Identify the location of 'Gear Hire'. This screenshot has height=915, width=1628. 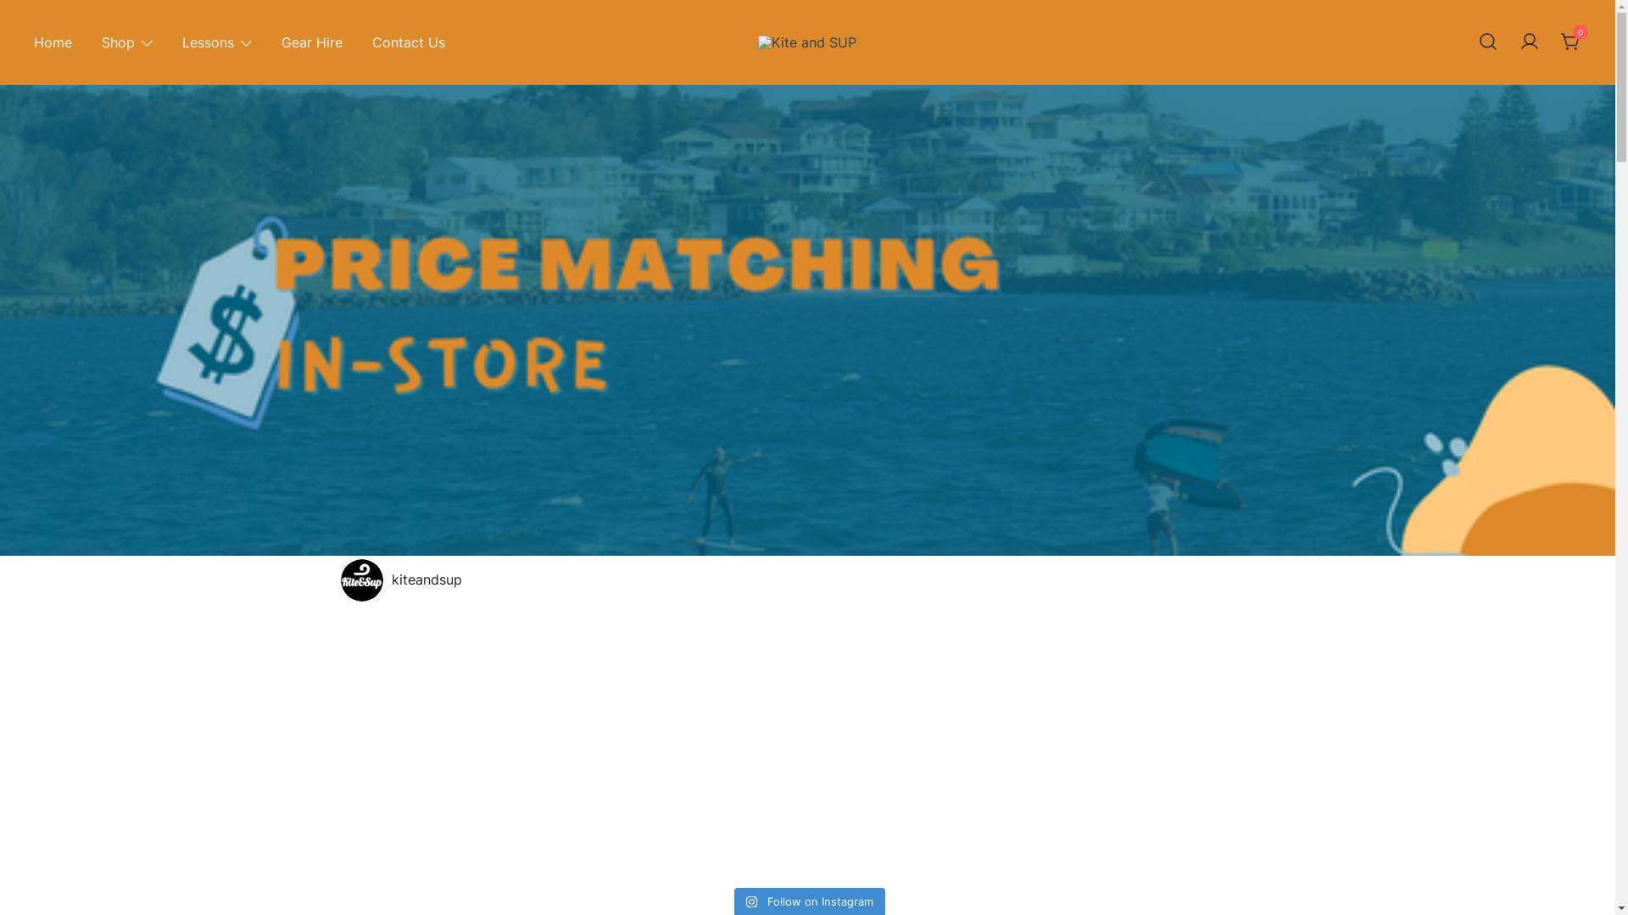
(312, 42).